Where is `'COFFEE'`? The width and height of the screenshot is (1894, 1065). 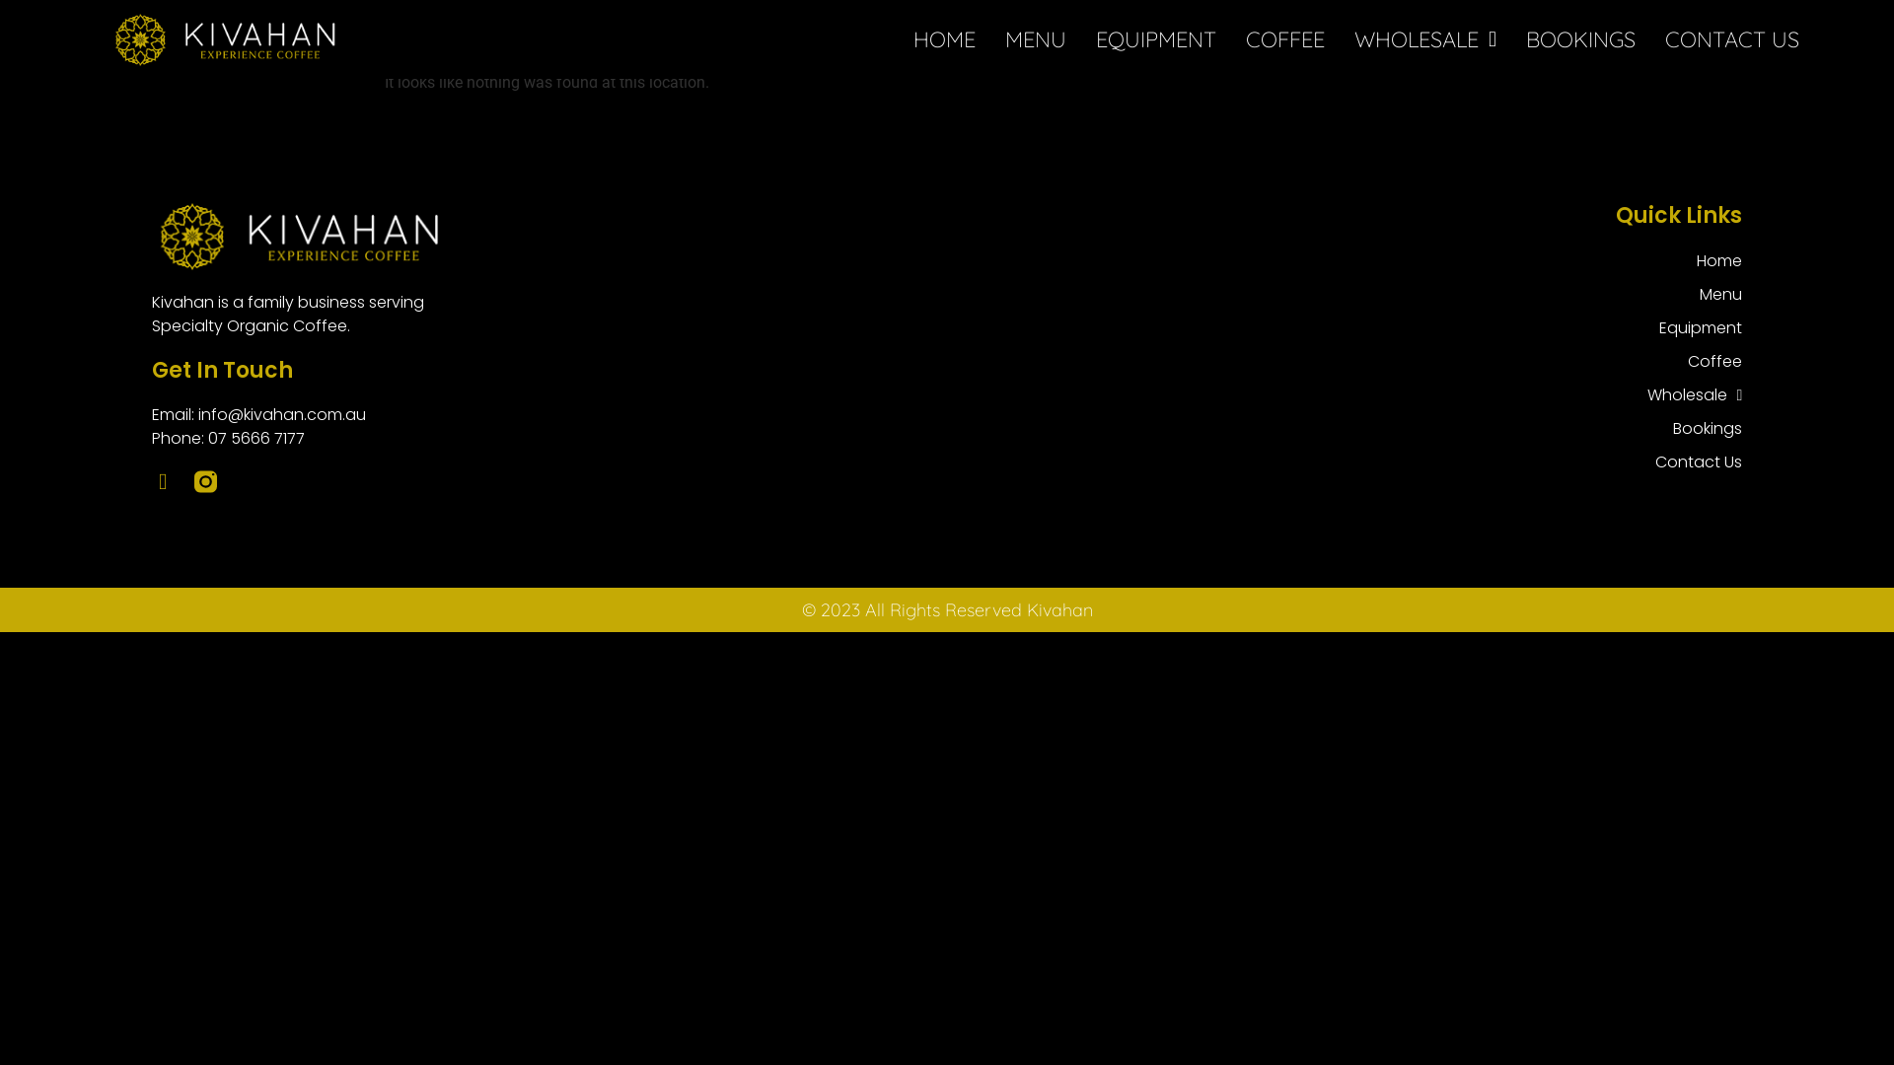 'COFFEE' is located at coordinates (1284, 38).